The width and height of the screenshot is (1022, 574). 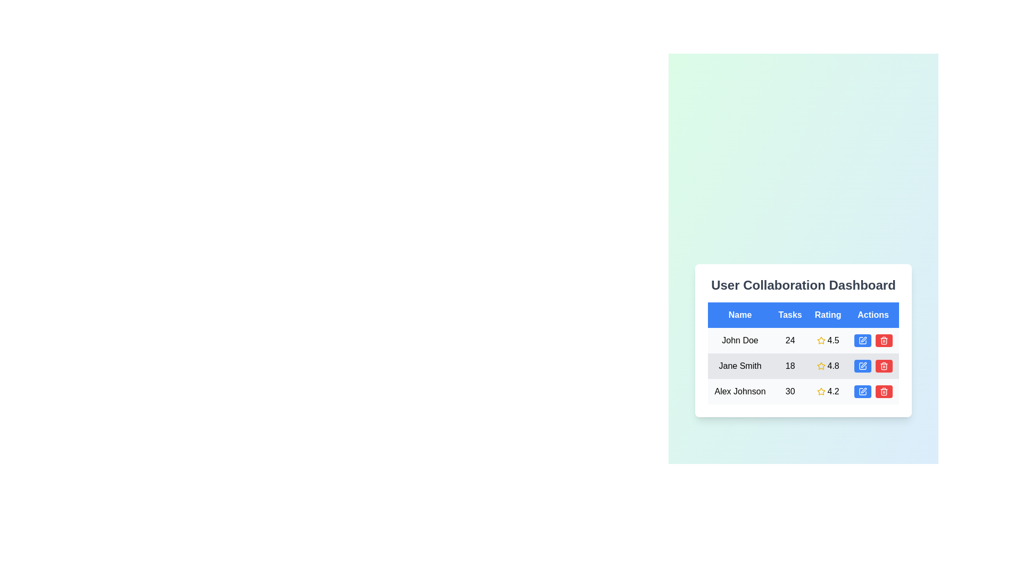 I want to click on the star icon in the 'Rating' column, which is adjacent to the numeric rating value '4.5' for 'John Doe', so click(x=820, y=340).